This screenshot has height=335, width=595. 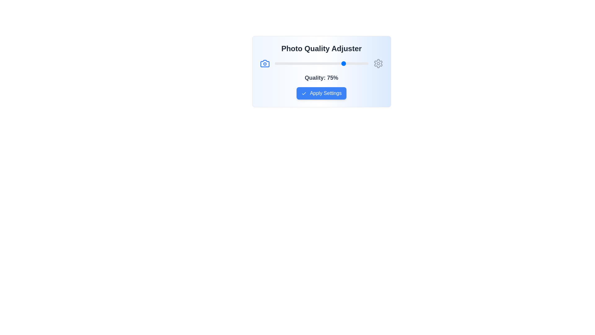 I want to click on the 'Apply Settings' button, so click(x=321, y=93).